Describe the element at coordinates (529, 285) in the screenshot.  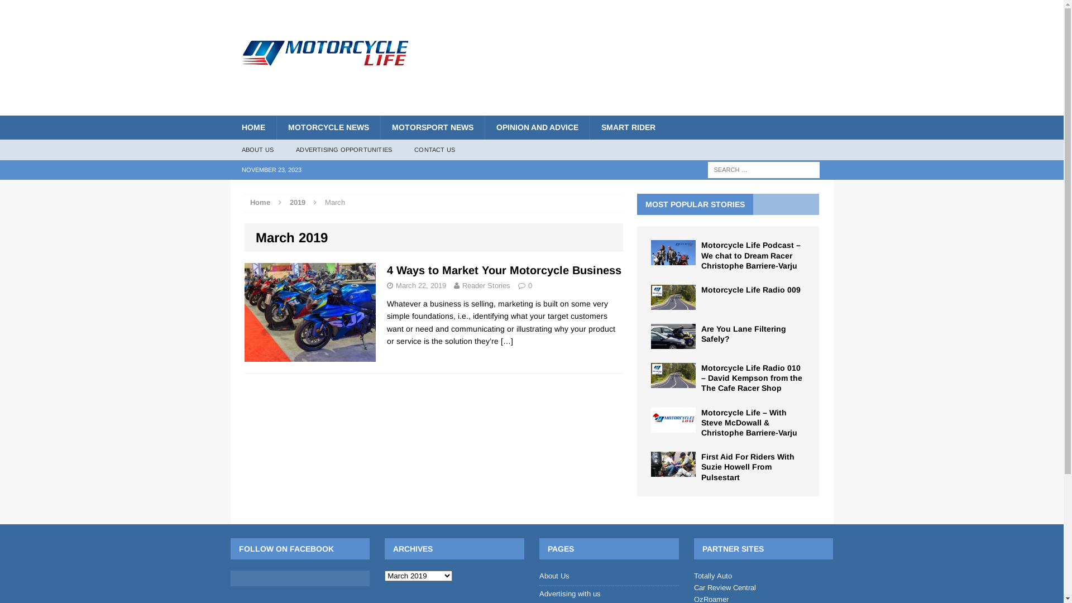
I see `'0'` at that location.